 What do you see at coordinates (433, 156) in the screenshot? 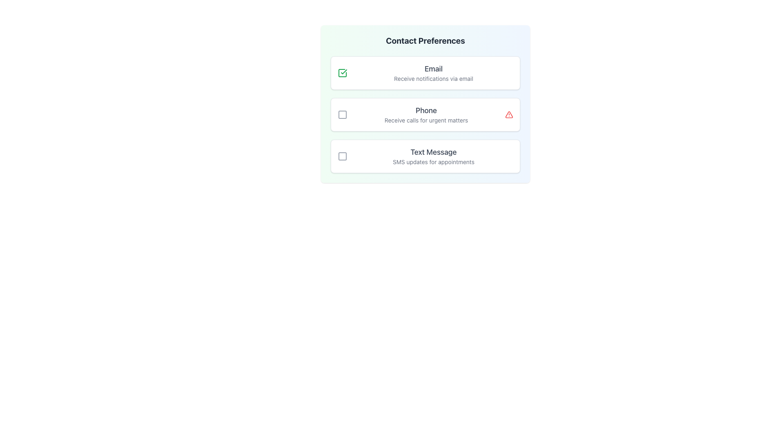
I see `the informational Text Label regarding SMS updates for appointments, which is located below the 'Phone' component in the 'Contact Preferences' section` at bounding box center [433, 156].